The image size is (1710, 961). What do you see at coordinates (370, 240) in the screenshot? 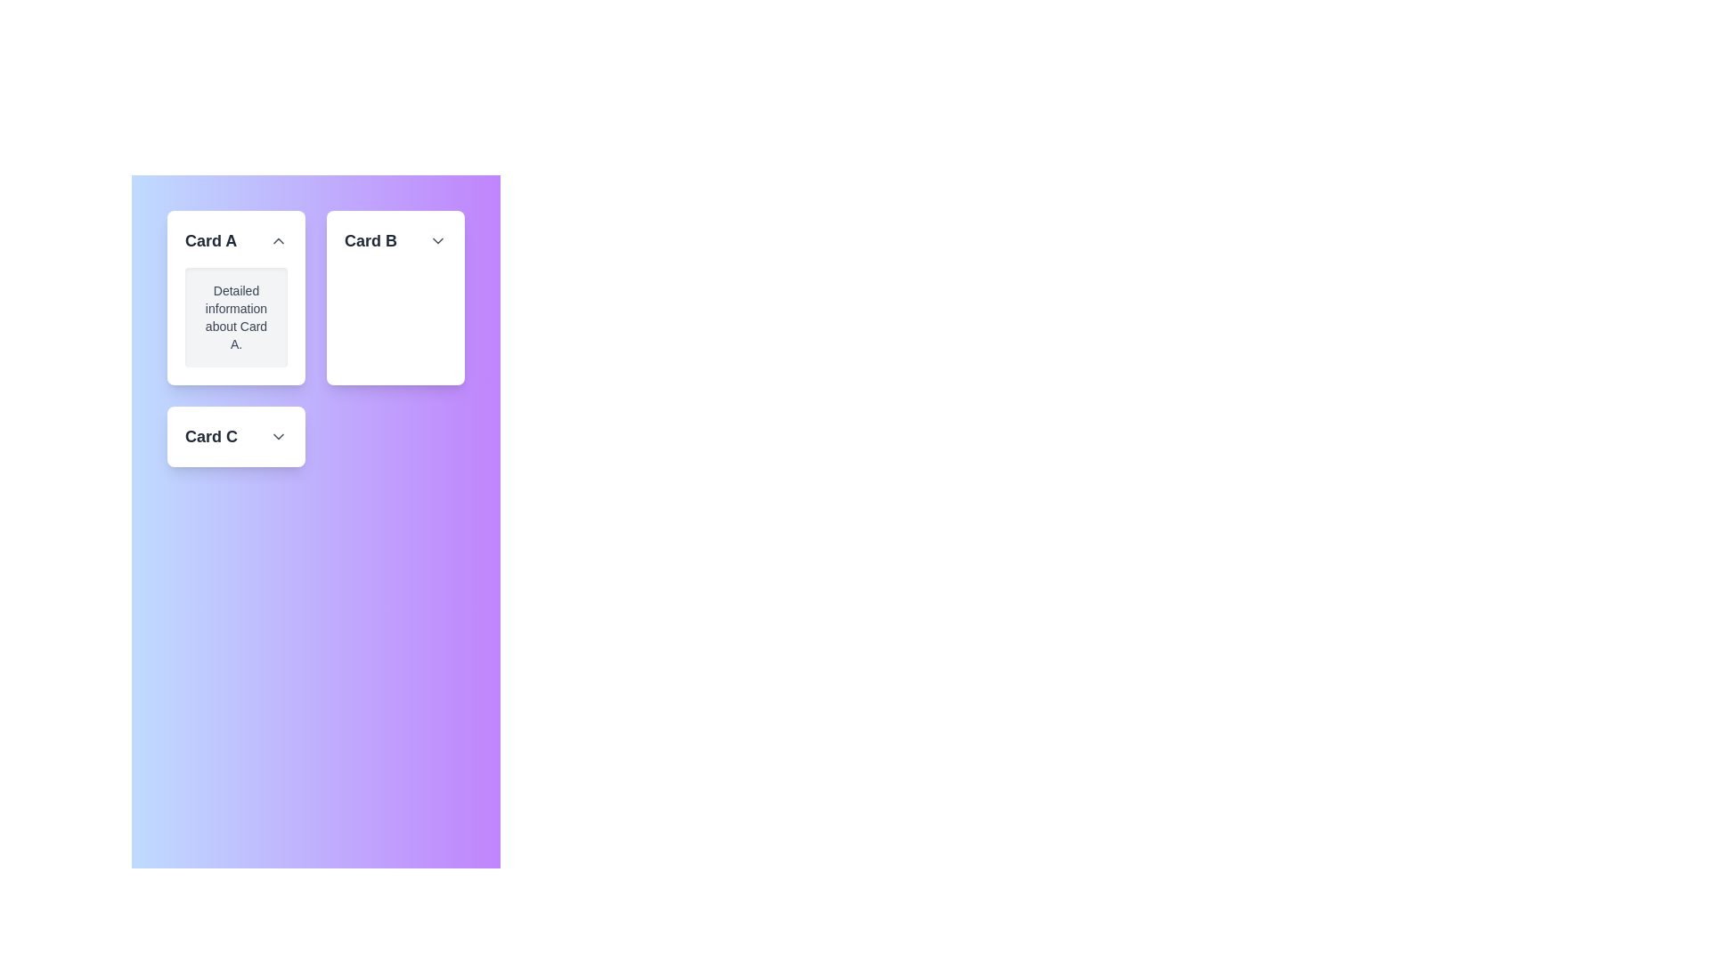
I see `the static text label that serves as the title for Card B, which is centrally aligned at the top of the card` at bounding box center [370, 240].